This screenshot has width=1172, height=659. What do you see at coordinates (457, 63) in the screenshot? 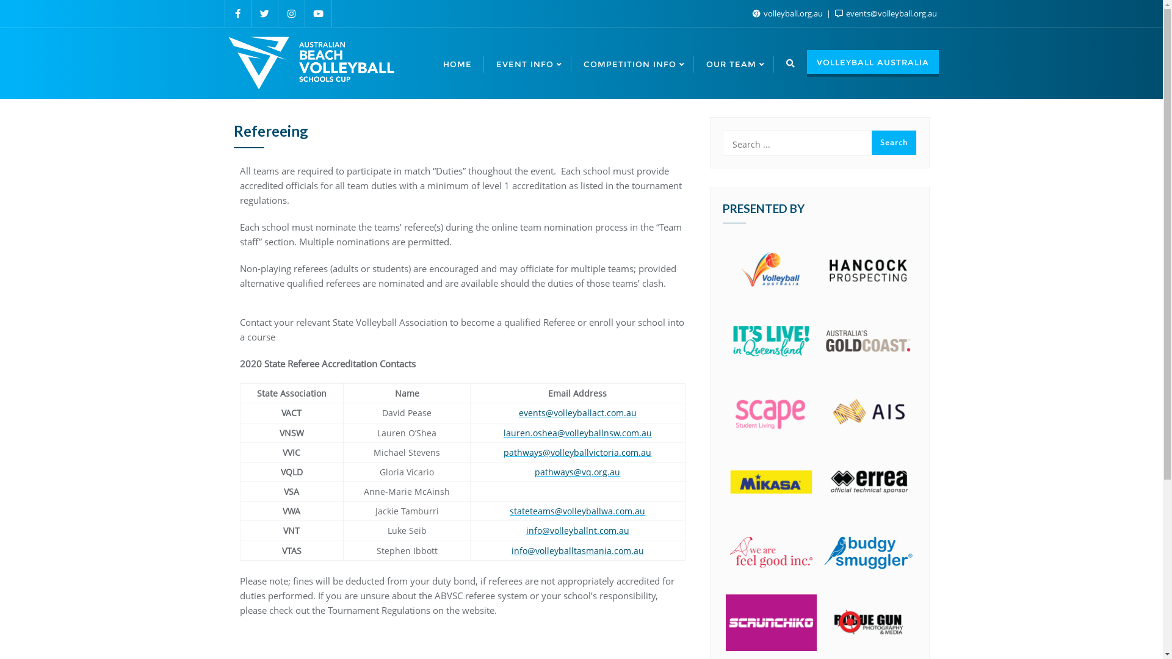
I see `'HOME'` at bounding box center [457, 63].